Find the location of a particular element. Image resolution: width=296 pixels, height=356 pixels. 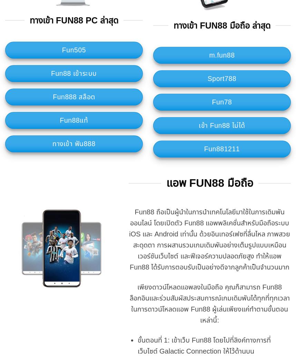

'ทางเข้า Fun88 PC ล่าสุด' is located at coordinates (73, 20).